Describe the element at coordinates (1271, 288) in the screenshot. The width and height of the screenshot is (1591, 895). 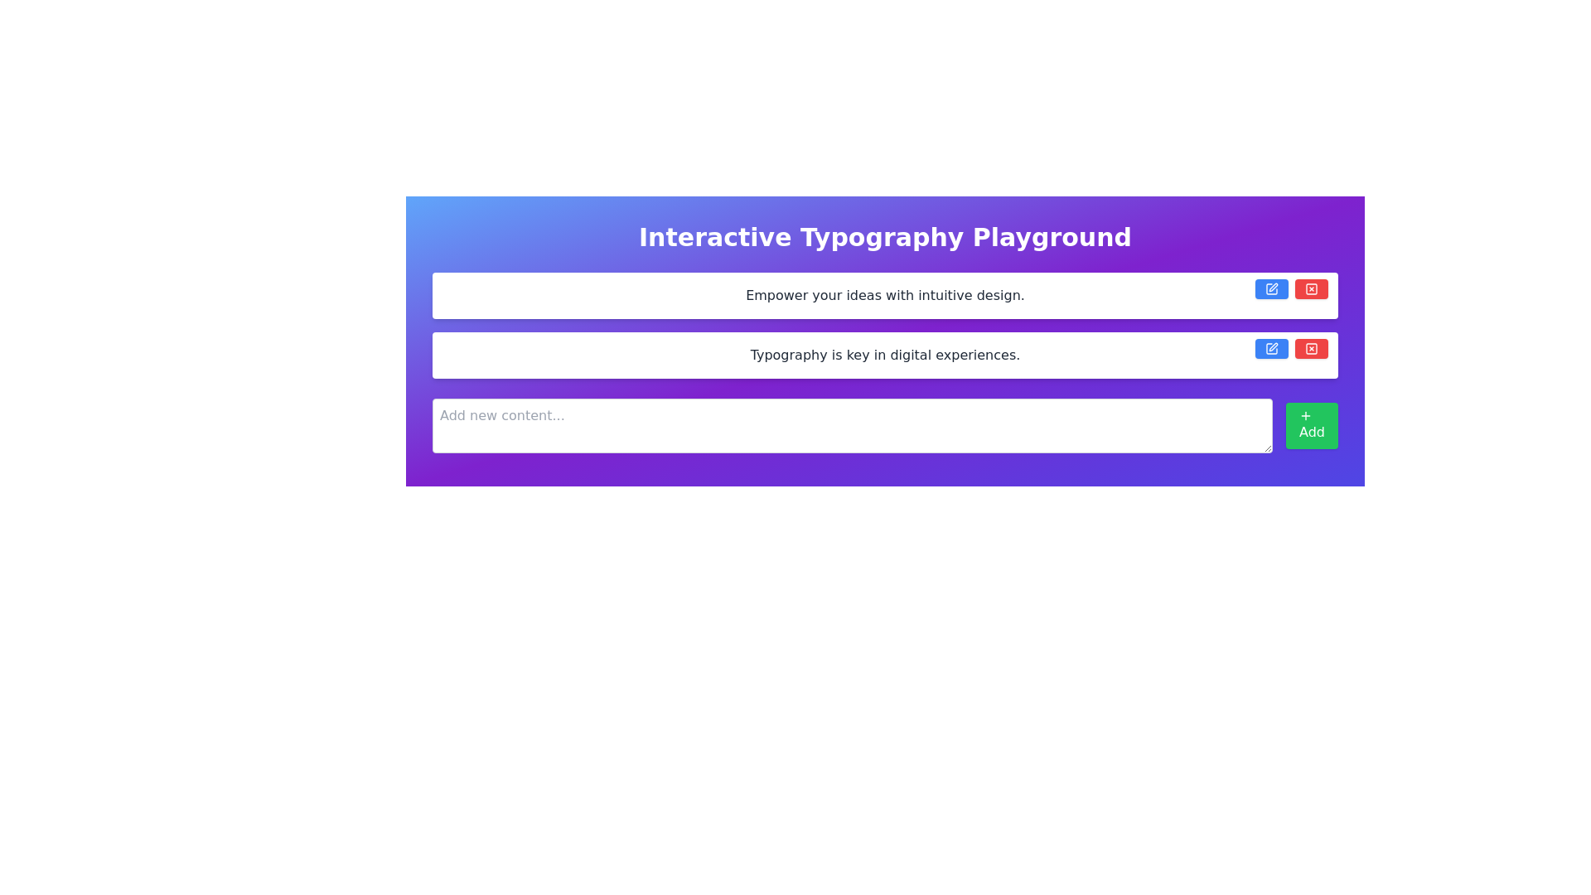
I see `the blue edit button with a pen icon located to the far right of the upper input field` at that location.